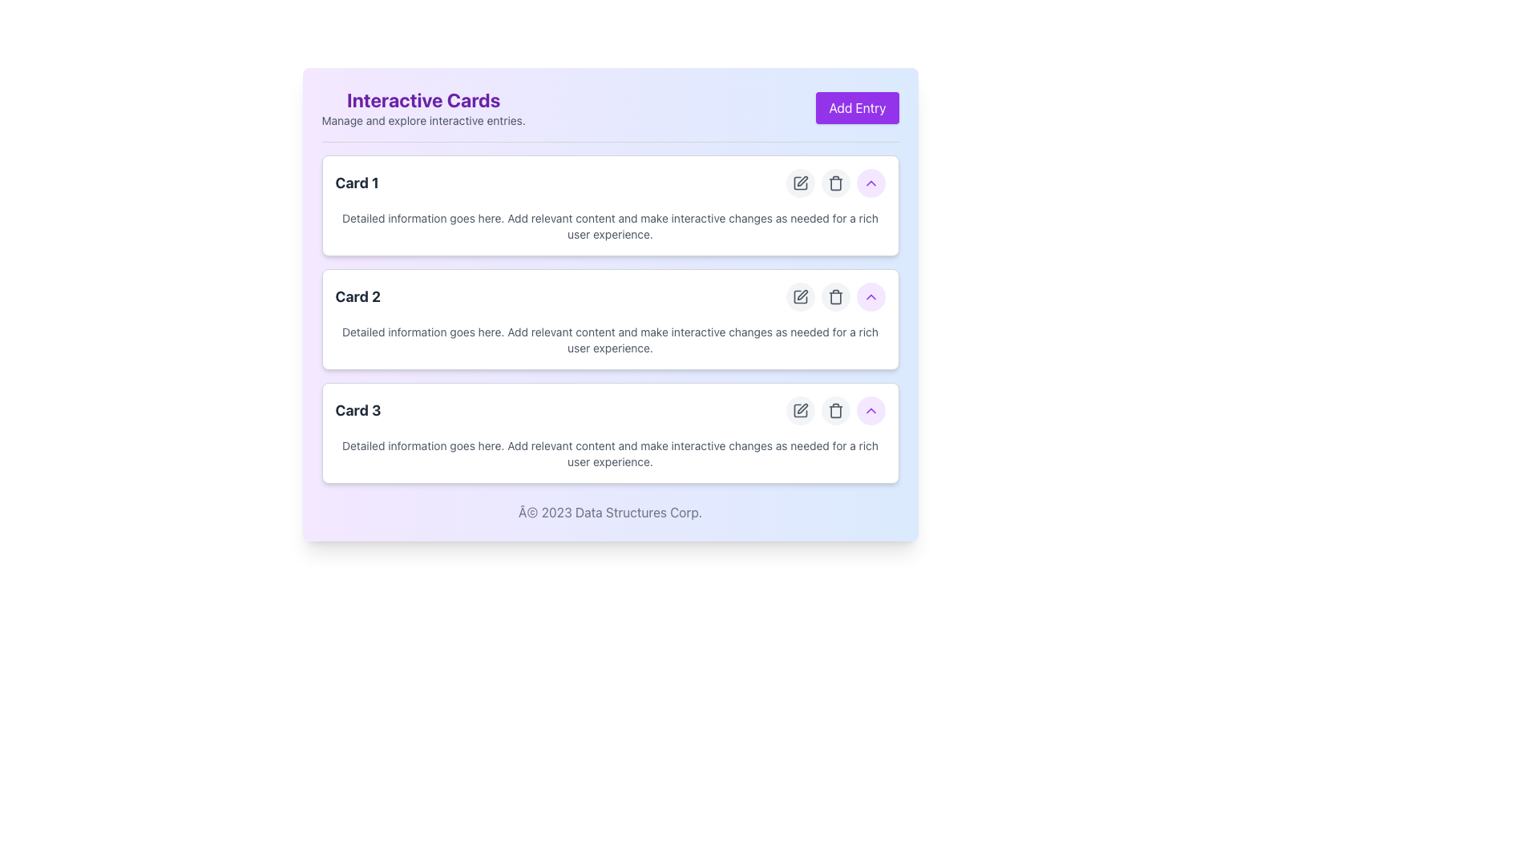 Image resolution: width=1539 pixels, height=865 pixels. I want to click on the delete icon button, which is the second icon in a set of three located to the right of the 'Card 3' entry in a vertical list of cards, so click(834, 411).